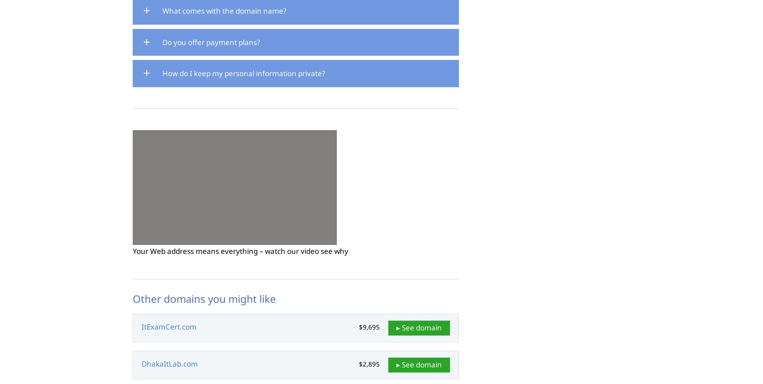 The width and height of the screenshot is (763, 384). What do you see at coordinates (224, 10) in the screenshot?
I see `'What comes with the domain name?'` at bounding box center [224, 10].